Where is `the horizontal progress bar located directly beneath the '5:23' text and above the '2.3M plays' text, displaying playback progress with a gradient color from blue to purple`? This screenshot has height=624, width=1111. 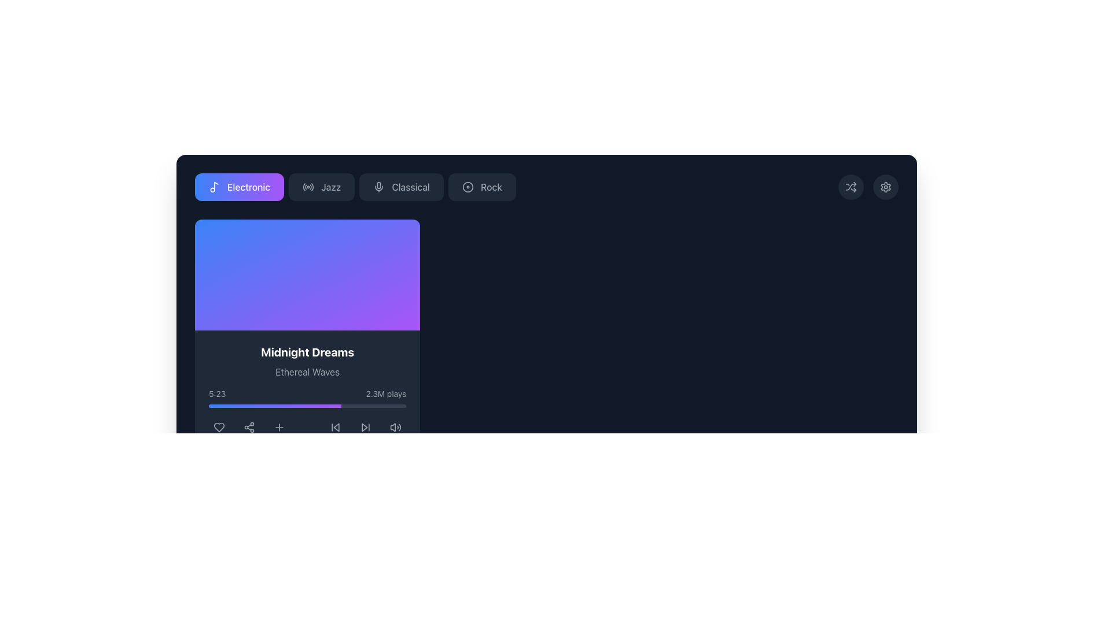 the horizontal progress bar located directly beneath the '5:23' text and above the '2.3M plays' text, displaying playback progress with a gradient color from blue to purple is located at coordinates (307, 405).